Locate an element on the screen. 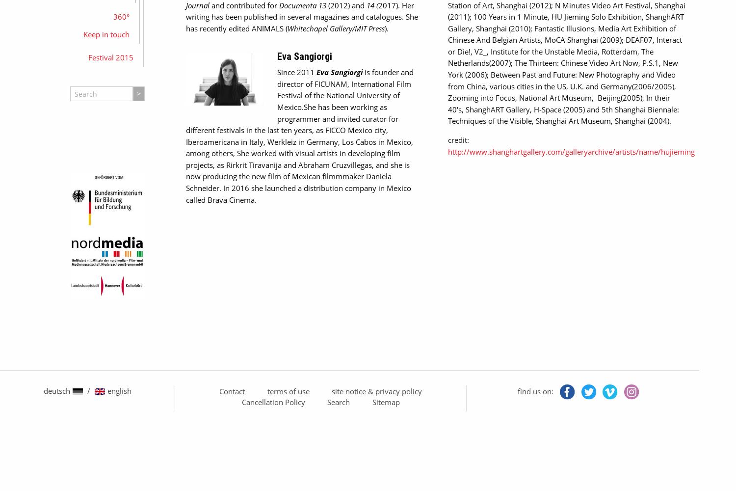 This screenshot has height=491, width=736. 'Cancellation Policy' is located at coordinates (273, 402).